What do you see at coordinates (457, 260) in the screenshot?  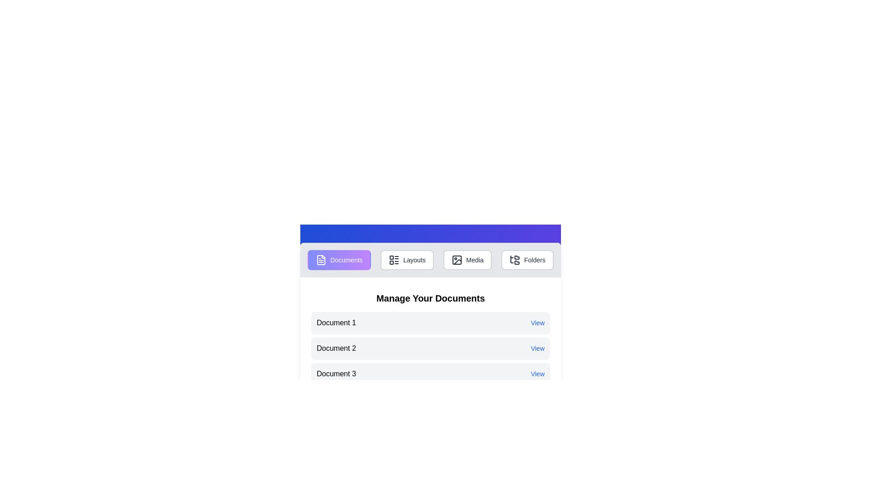 I see `the media icon, which is a simplified representation of an image, located centrally in the navigation row between the 'Layouts' and 'Folders' buttons` at bounding box center [457, 260].